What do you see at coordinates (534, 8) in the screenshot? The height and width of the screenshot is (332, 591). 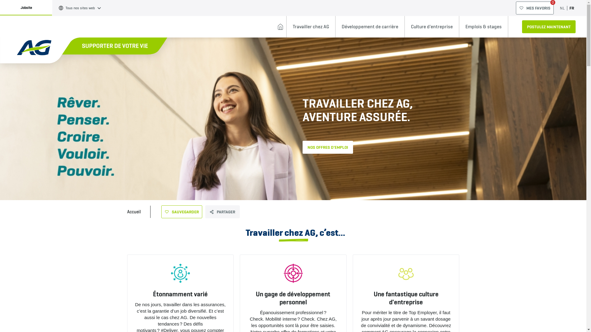 I see `'MES FAVORIS'` at bounding box center [534, 8].